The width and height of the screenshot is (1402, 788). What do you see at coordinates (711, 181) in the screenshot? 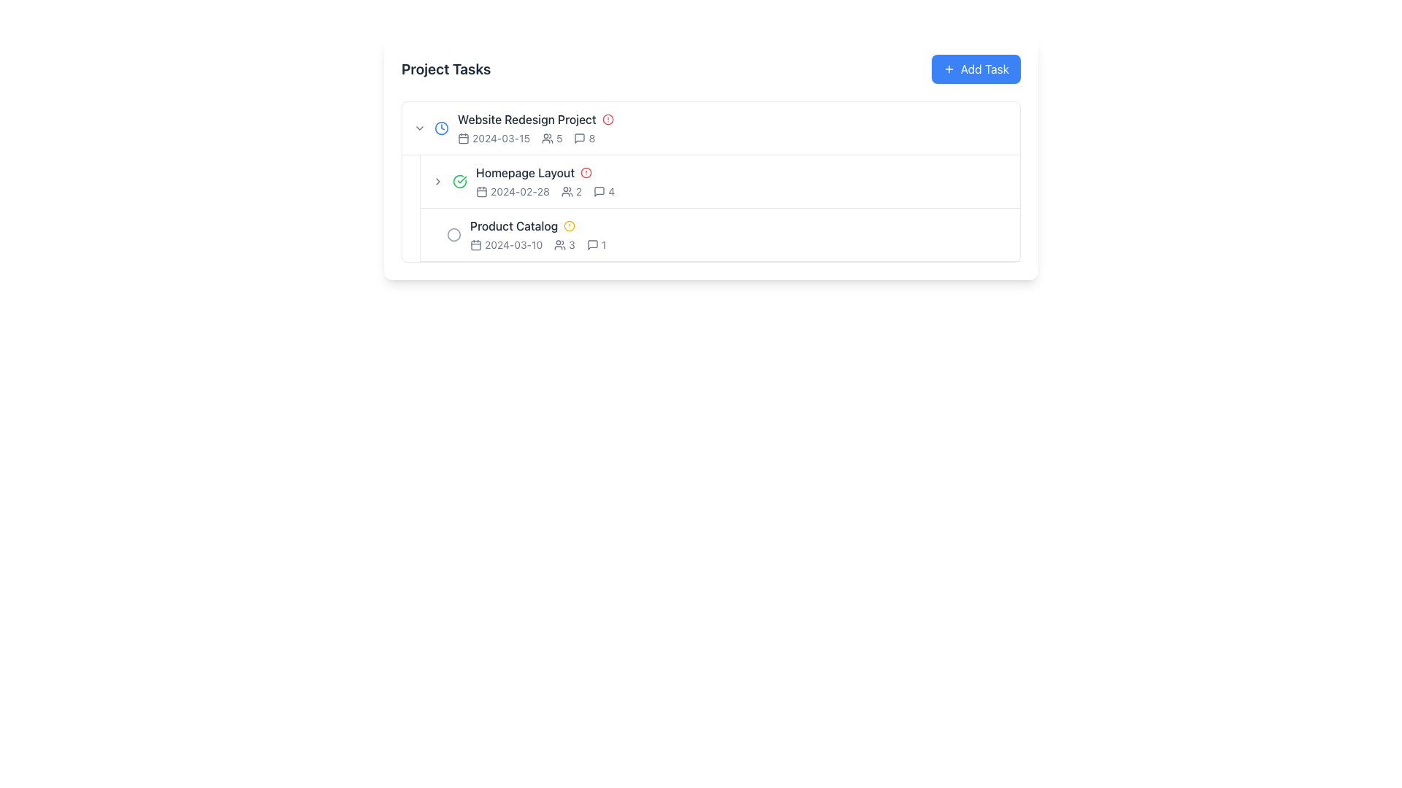
I see `the 'Homepage Layout' task list item` at bounding box center [711, 181].